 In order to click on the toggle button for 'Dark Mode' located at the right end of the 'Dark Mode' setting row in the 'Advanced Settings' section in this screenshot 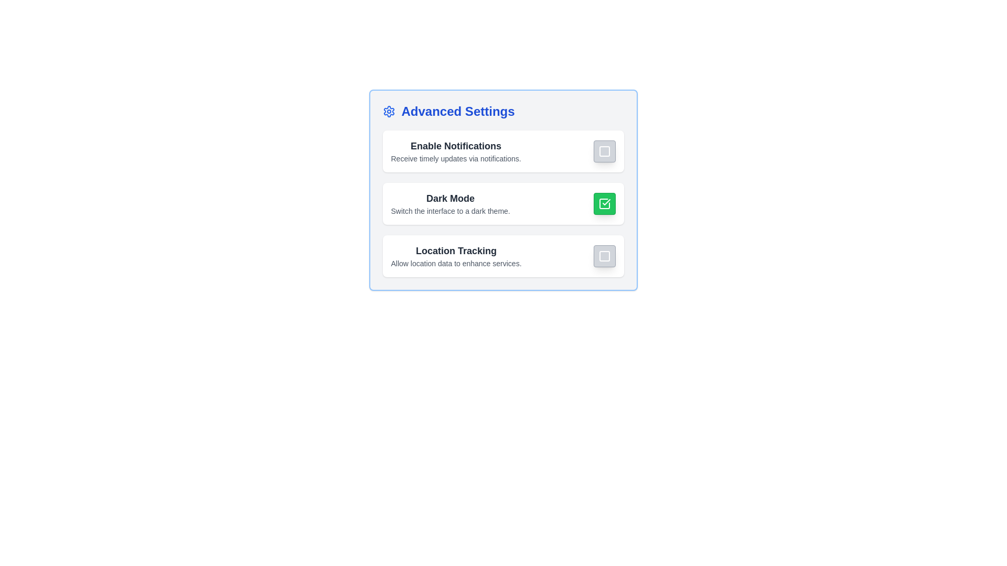, I will do `click(604, 204)`.